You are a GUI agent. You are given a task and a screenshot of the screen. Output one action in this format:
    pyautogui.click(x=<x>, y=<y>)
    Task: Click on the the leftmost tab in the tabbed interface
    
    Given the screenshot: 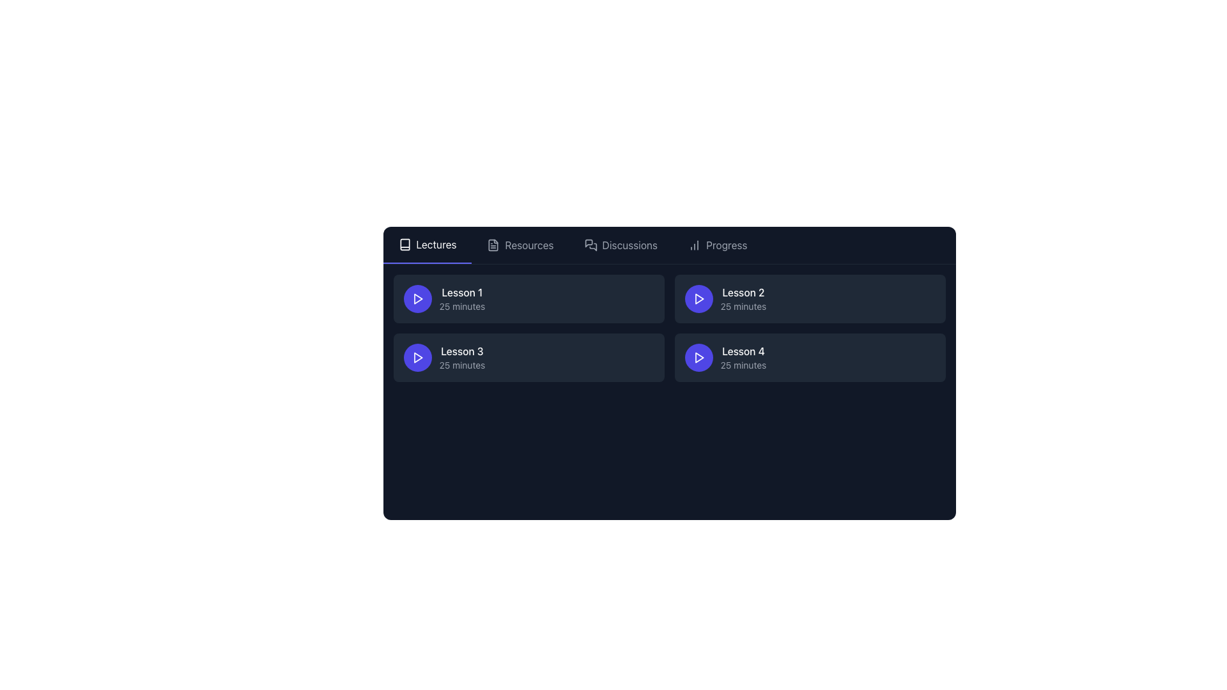 What is the action you would take?
    pyautogui.click(x=427, y=245)
    